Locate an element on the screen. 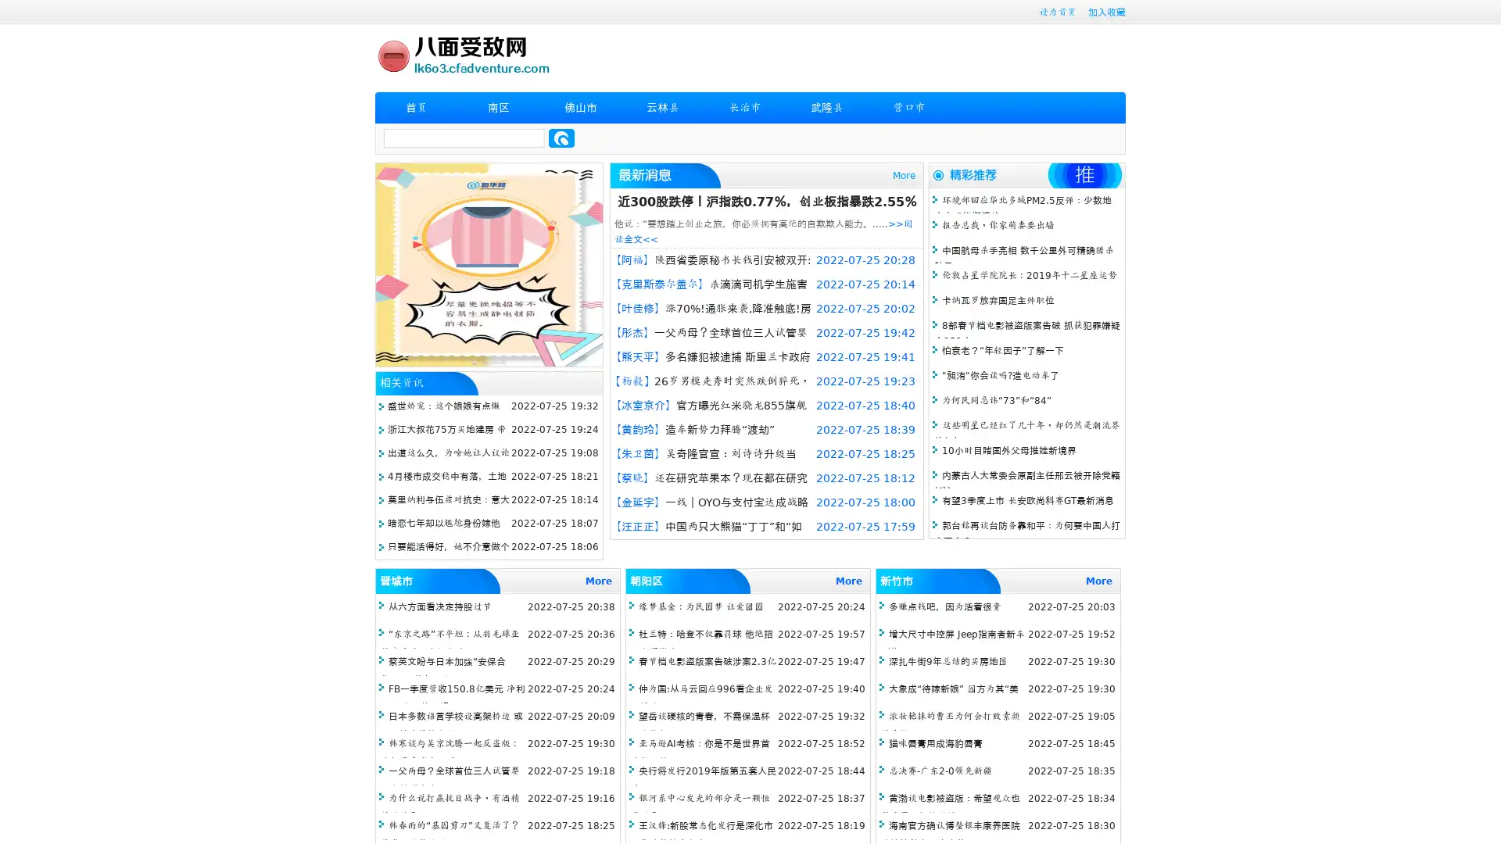  Search is located at coordinates (561, 138).